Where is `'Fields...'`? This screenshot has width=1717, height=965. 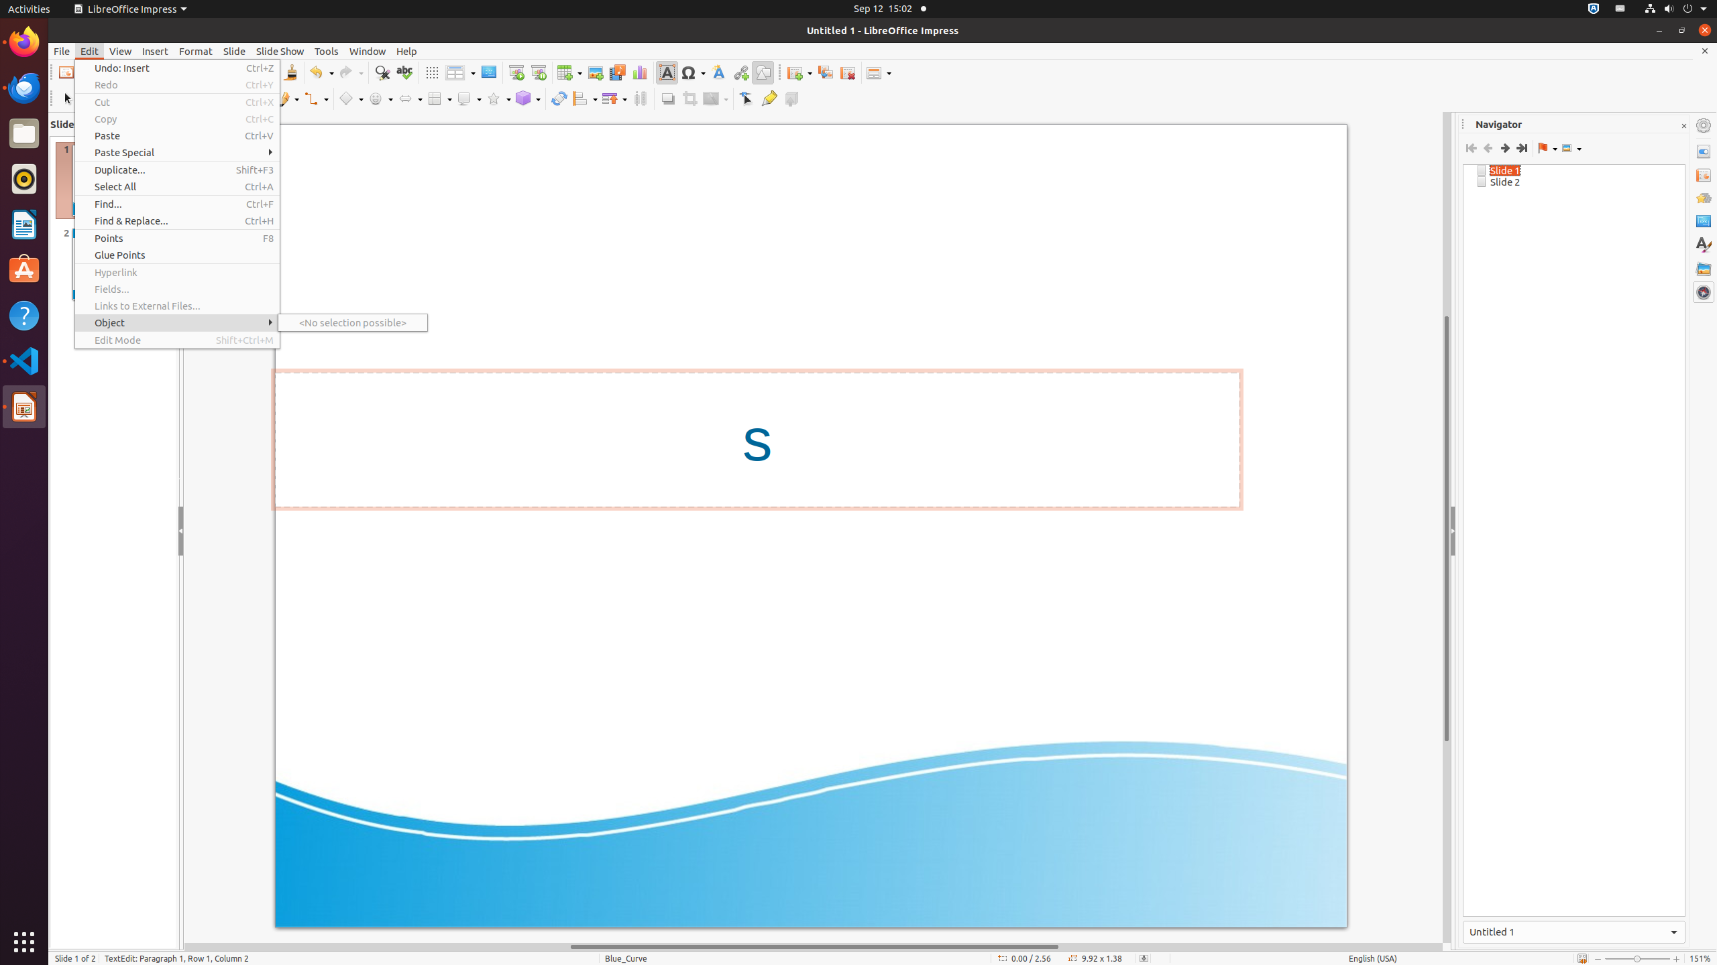 'Fields...' is located at coordinates (177, 288).